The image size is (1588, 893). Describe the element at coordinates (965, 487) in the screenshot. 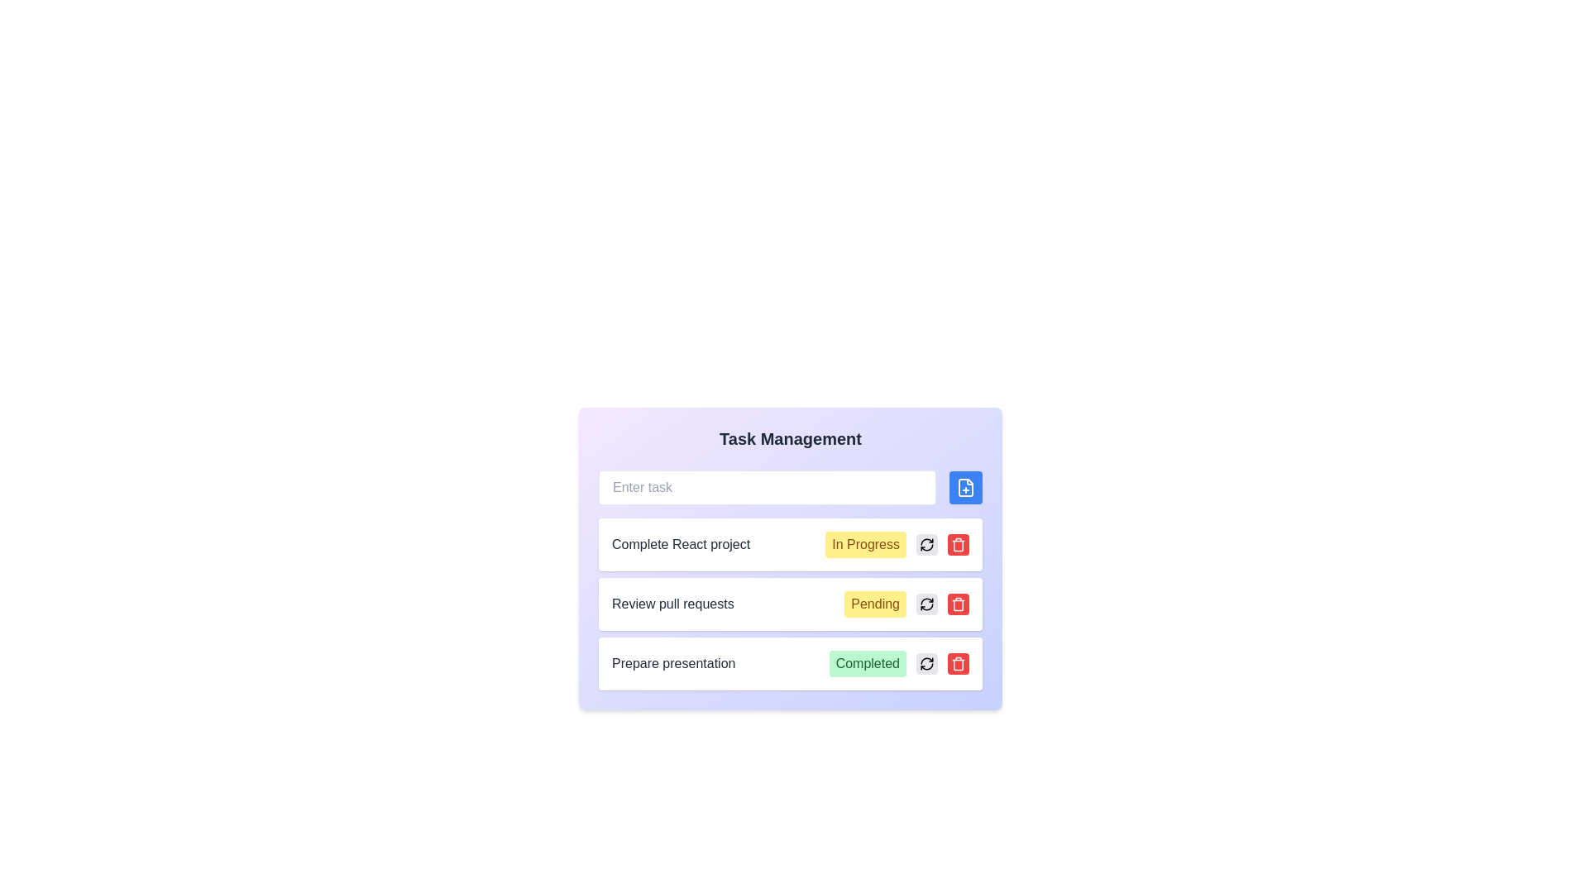

I see `the blue square icon button featuring an outlined document with a plus sign at its center, located at the right end of the 'Enter task' input field in the task management interface` at that location.